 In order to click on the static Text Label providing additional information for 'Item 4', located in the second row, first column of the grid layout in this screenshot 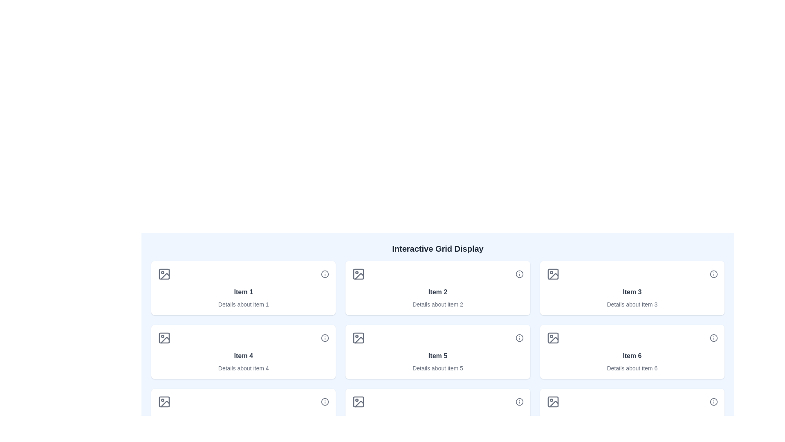, I will do `click(243, 368)`.